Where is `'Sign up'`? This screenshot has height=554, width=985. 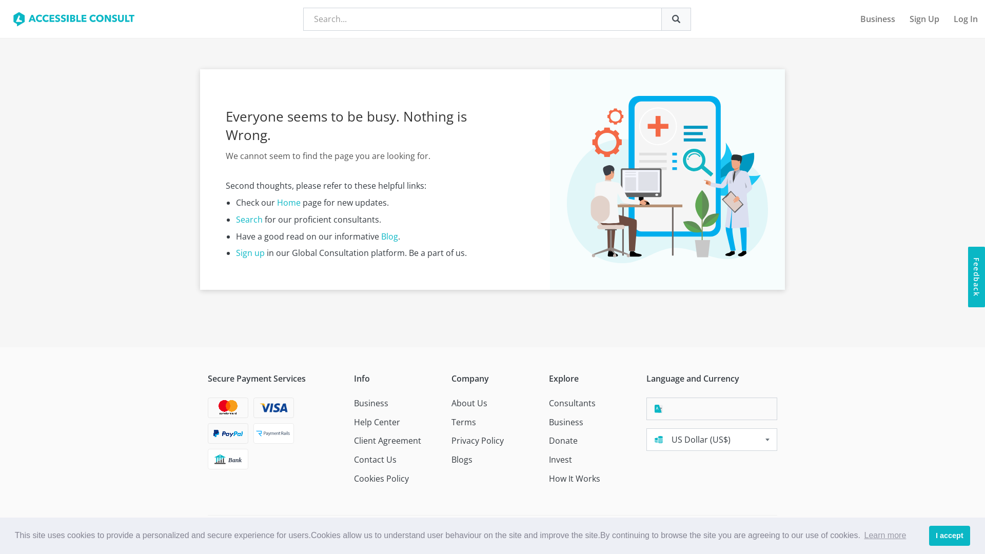
'Sign up' is located at coordinates (250, 253).